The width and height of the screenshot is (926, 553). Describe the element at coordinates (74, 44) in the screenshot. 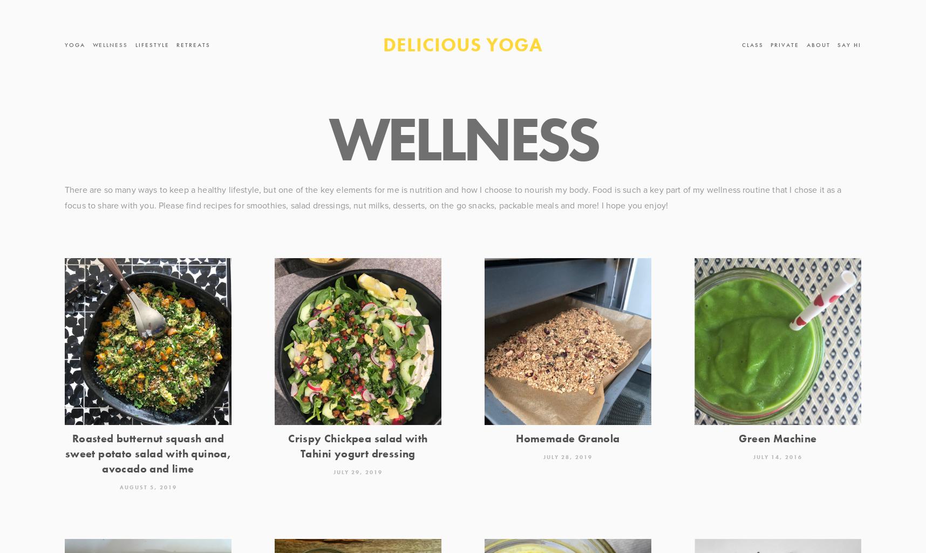

I see `'YOGA'` at that location.